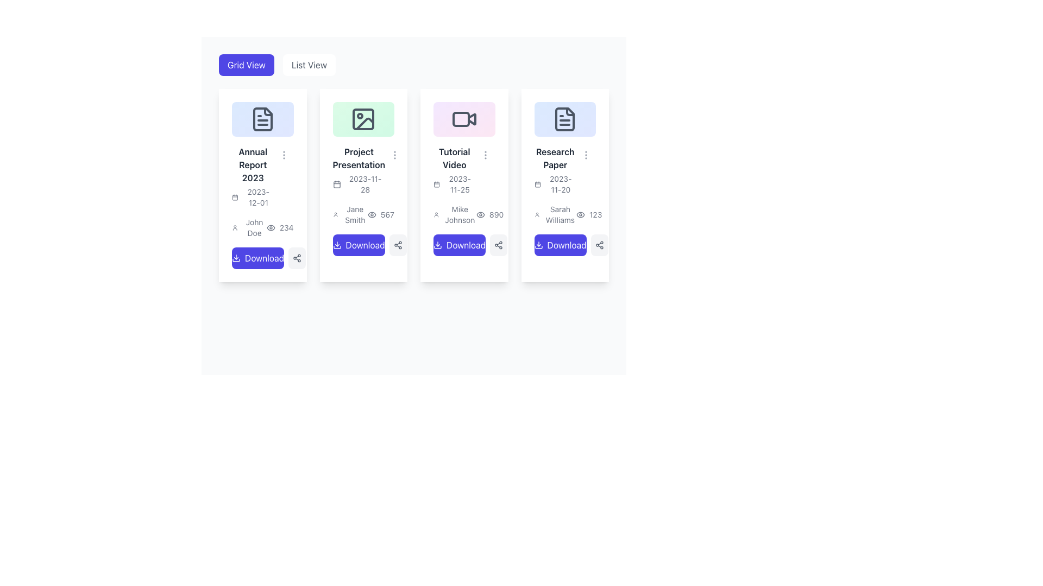 This screenshot has width=1043, height=586. What do you see at coordinates (460, 183) in the screenshot?
I see `the date label displaying '2023-11-25' in gray color, located in the third card from the left, positioned beneath a small calendar icon` at bounding box center [460, 183].